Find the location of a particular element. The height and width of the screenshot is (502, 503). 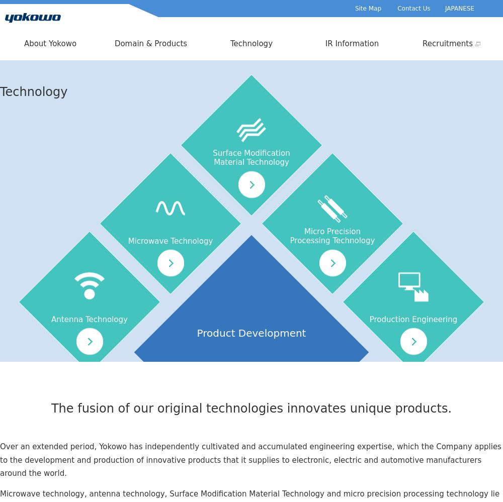

'Site Map' is located at coordinates (367, 8).